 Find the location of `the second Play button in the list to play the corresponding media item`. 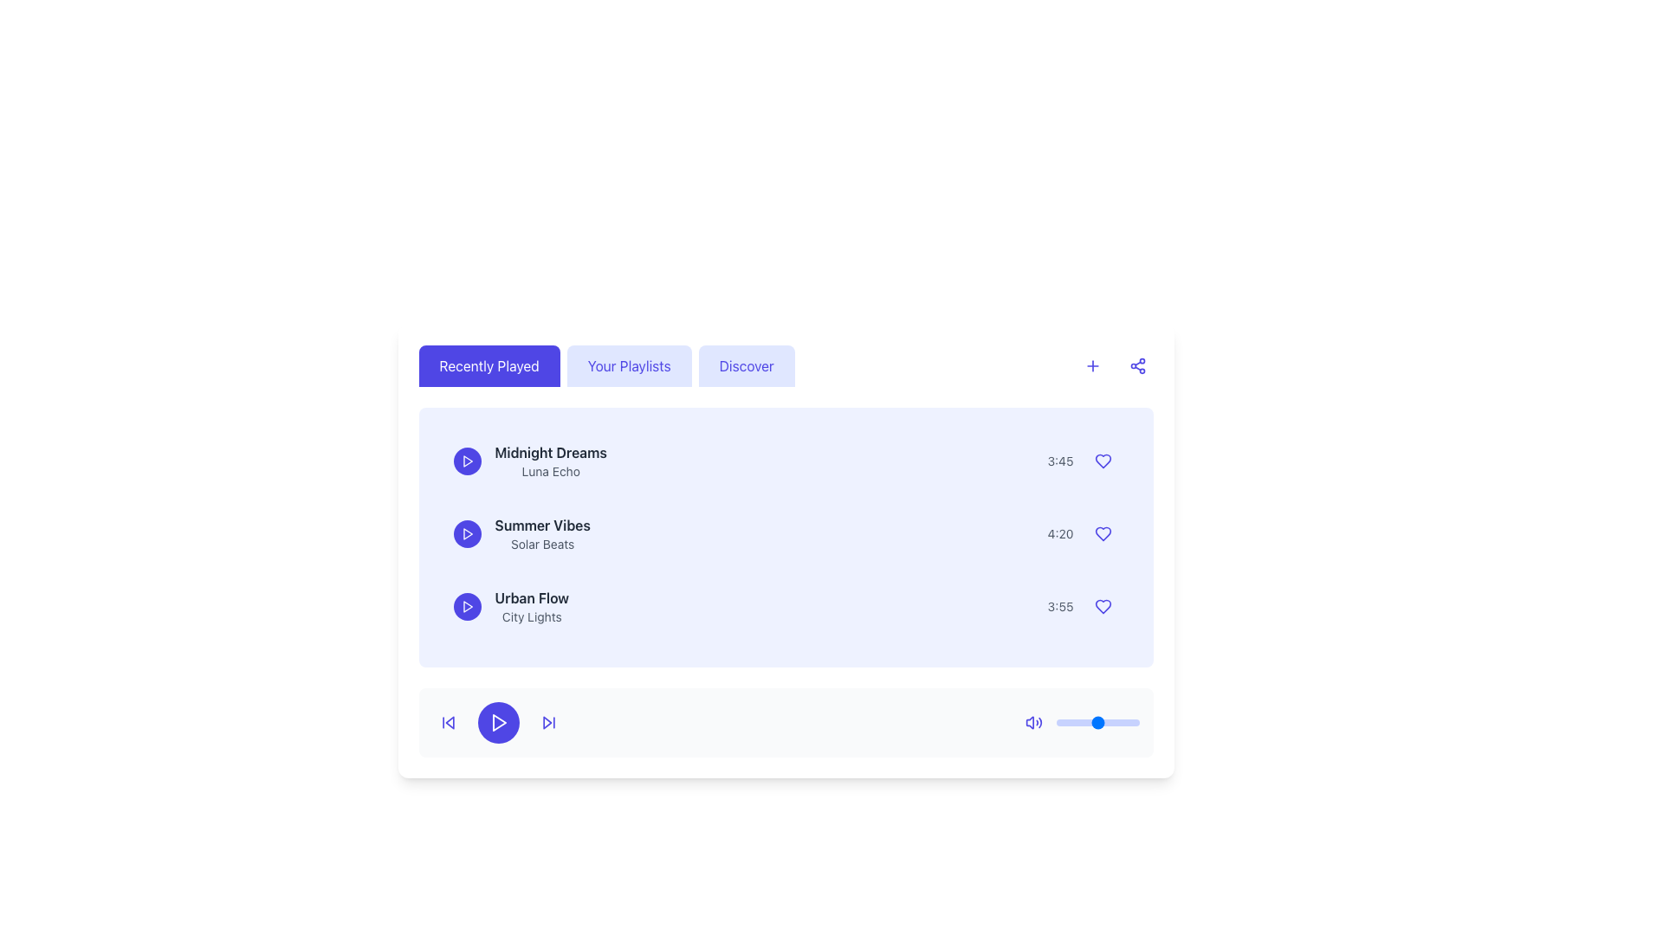

the second Play button in the list to play the corresponding media item is located at coordinates (468, 533).